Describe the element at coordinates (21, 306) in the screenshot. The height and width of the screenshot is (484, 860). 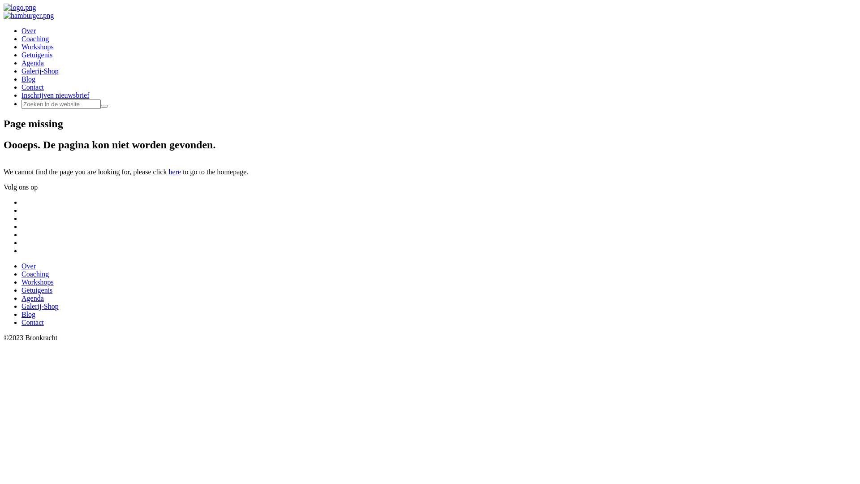
I see `'Galerij-Shop'` at that location.